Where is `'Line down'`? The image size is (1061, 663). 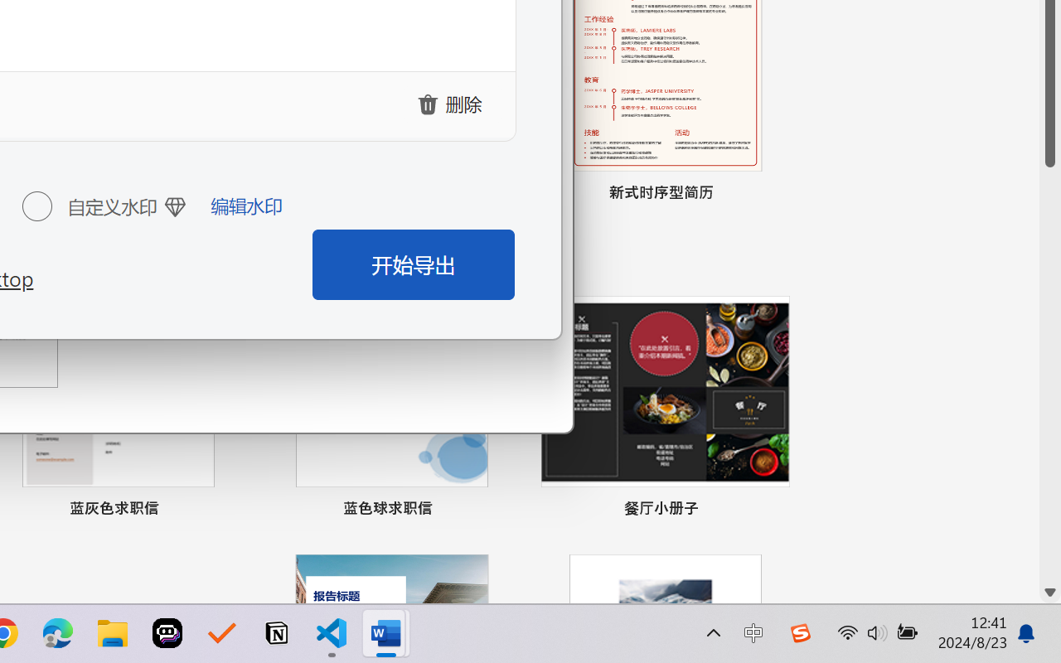 'Line down' is located at coordinates (1049, 592).